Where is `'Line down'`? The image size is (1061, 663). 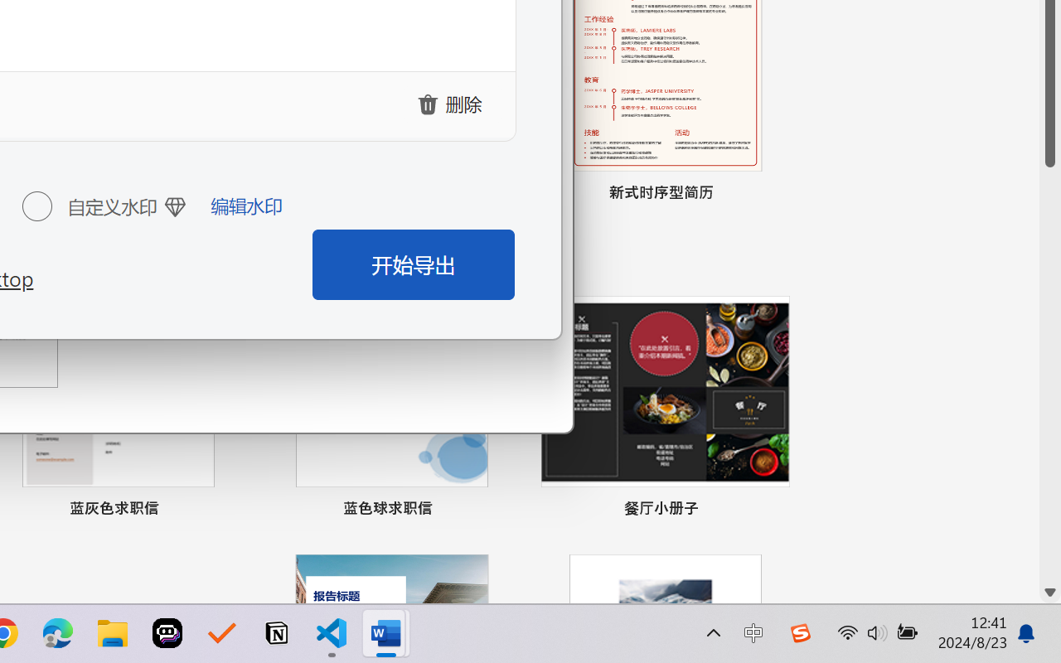 'Line down' is located at coordinates (1049, 592).